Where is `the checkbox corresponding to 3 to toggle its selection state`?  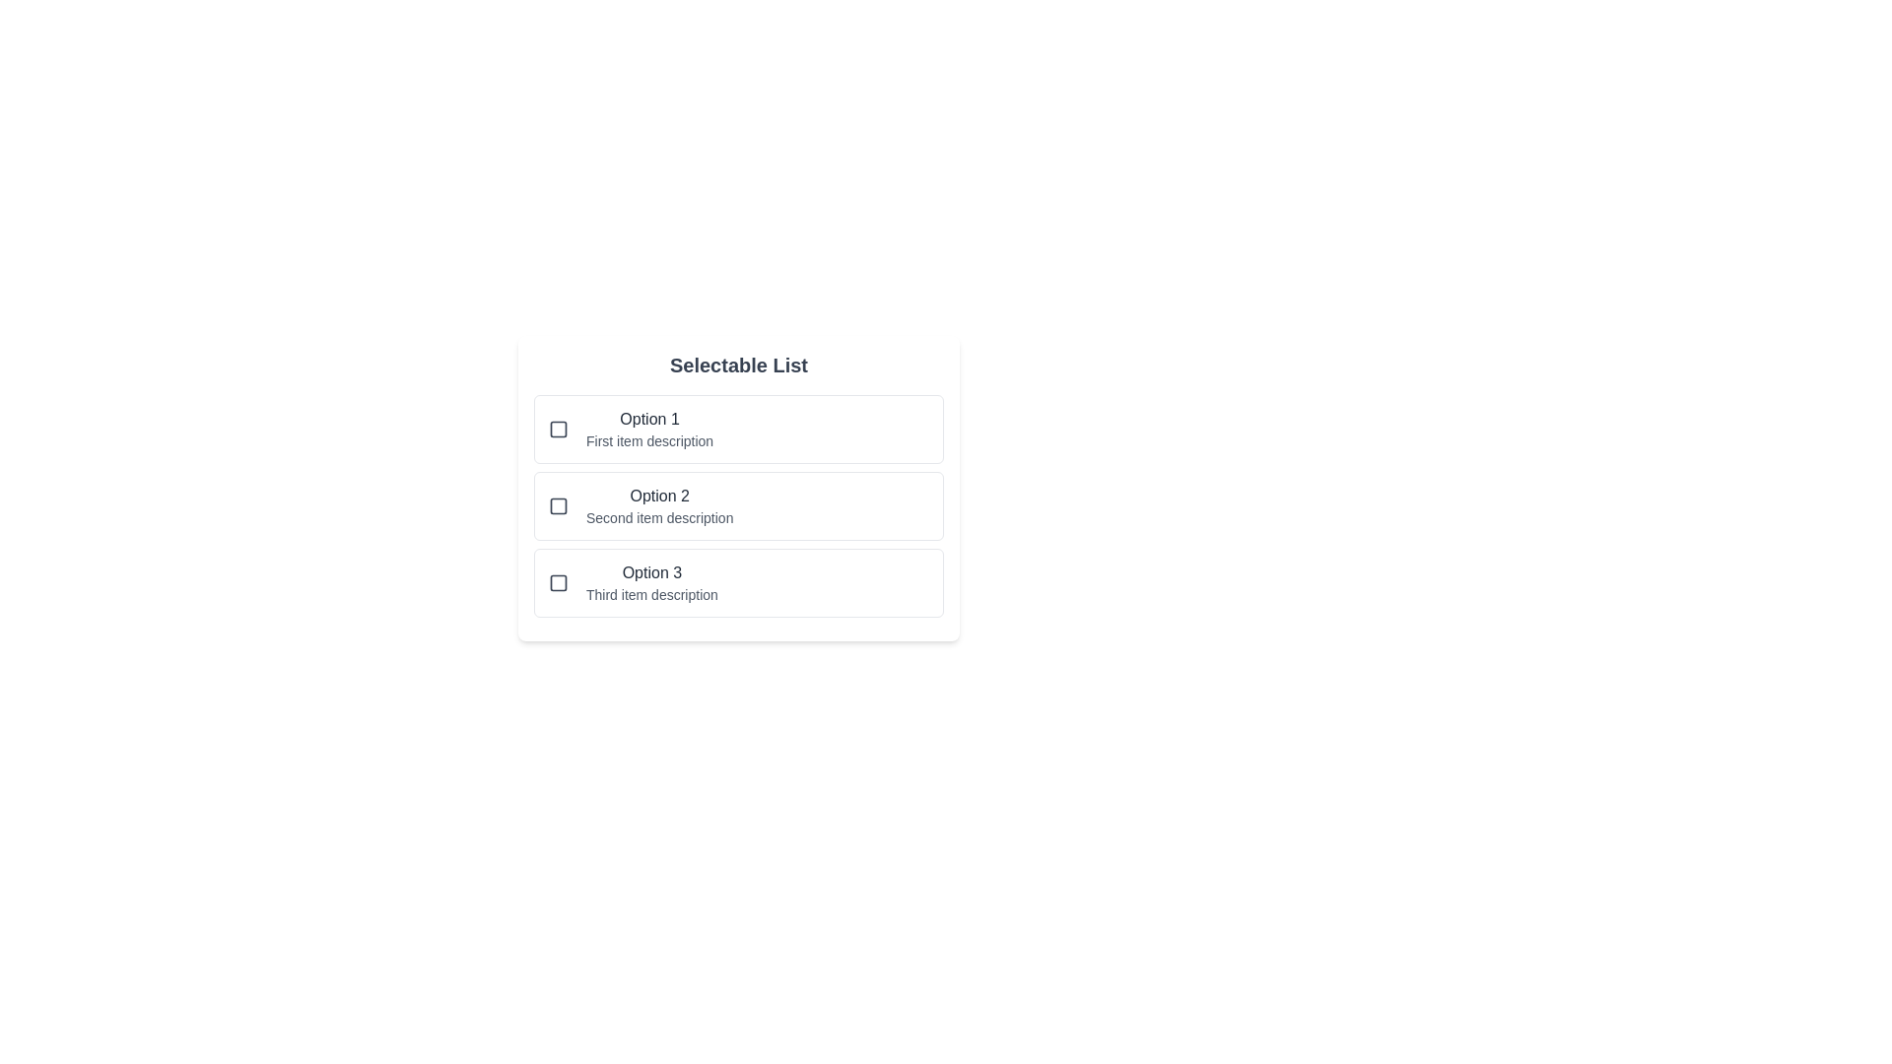 the checkbox corresponding to 3 to toggle its selection state is located at coordinates (557, 581).